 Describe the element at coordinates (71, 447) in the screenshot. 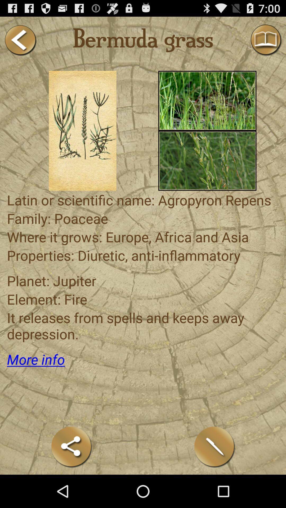

I see `share button` at that location.